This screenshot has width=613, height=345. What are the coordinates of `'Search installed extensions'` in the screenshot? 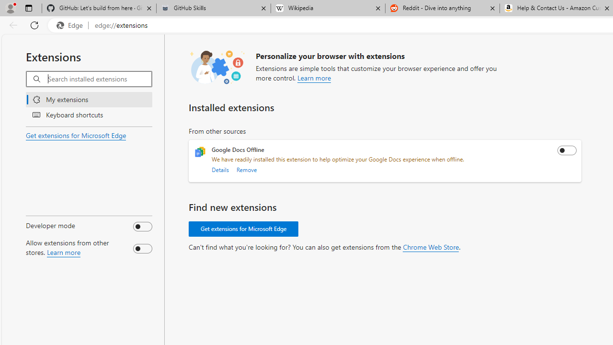 It's located at (100, 79).